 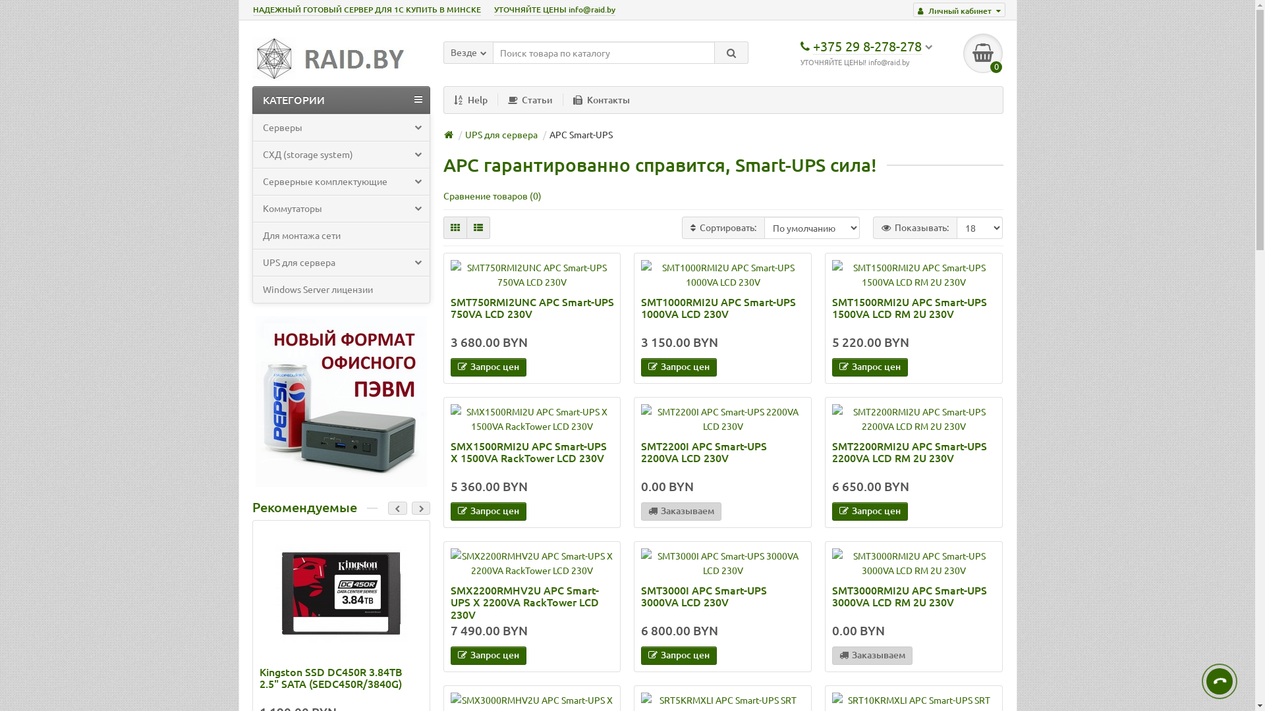 What do you see at coordinates (334, 58) in the screenshot?
I see `'RAID.BY'` at bounding box center [334, 58].